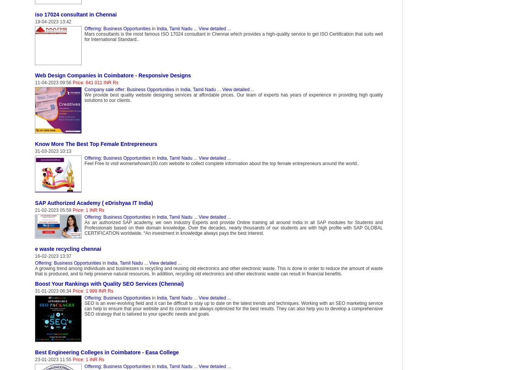 The height and width of the screenshot is (370, 524). What do you see at coordinates (93, 291) in the screenshot?
I see `'Price: 1 999 INR Rs'` at bounding box center [93, 291].